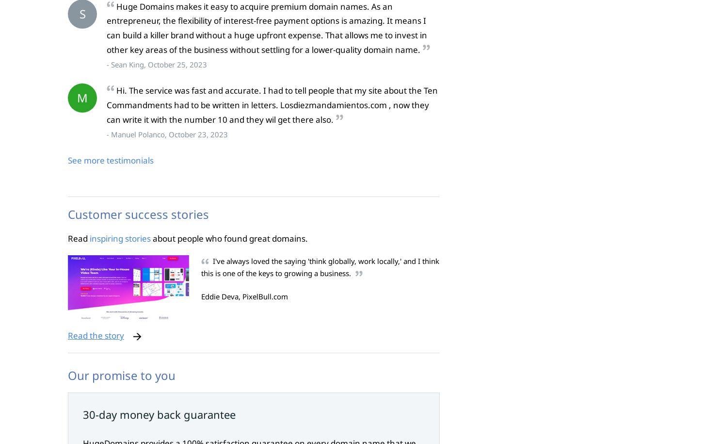 The width and height of the screenshot is (703, 444). I want to click on 'Eddie Deva, PixelBull.com', so click(244, 296).